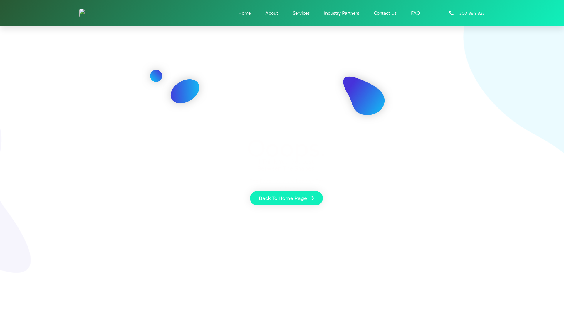 This screenshot has height=317, width=564. Describe the element at coordinates (301, 13) in the screenshot. I see `'Services'` at that location.